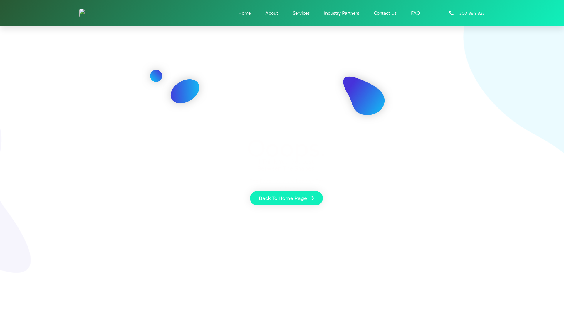 This screenshot has height=317, width=564. Describe the element at coordinates (301, 13) in the screenshot. I see `'Services'` at that location.